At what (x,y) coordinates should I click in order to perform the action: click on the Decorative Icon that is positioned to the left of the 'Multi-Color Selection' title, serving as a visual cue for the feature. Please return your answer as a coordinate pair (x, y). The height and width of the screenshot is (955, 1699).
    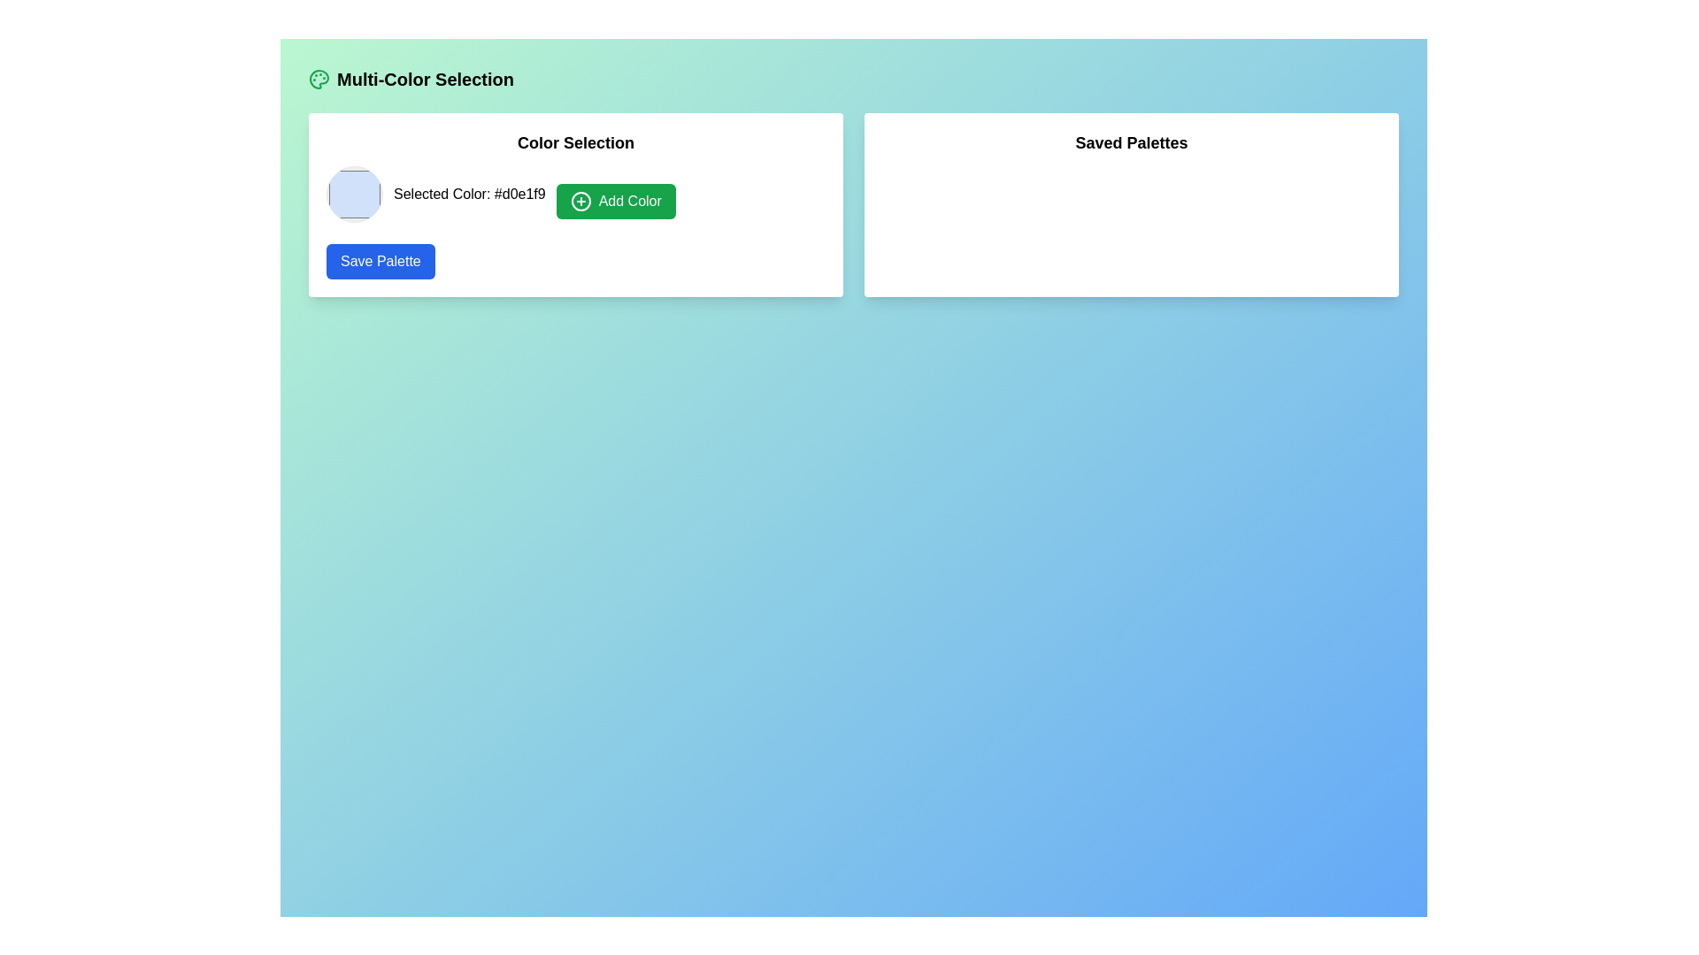
    Looking at the image, I should click on (319, 78).